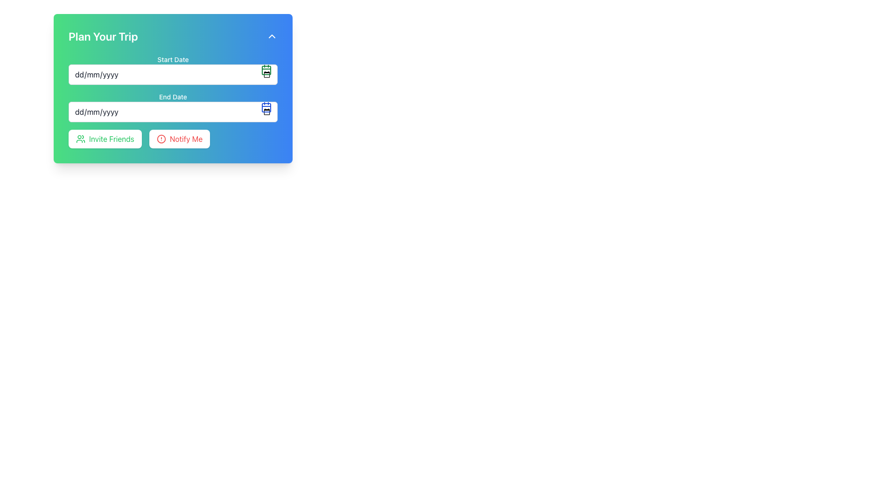 This screenshot has height=504, width=896. I want to click on the Calendar icon located in the 'End Date' date input field, so click(266, 107).